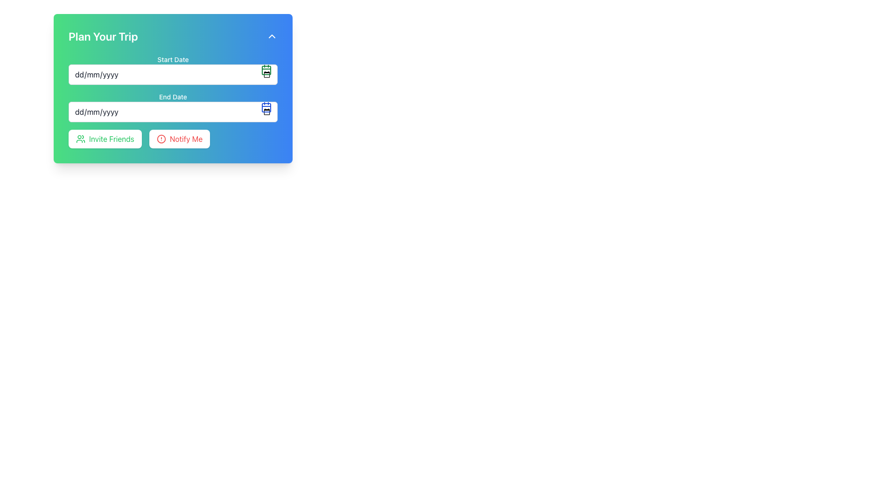 This screenshot has height=504, width=896. I want to click on the Calendar icon located in the 'End Date' date input field, so click(266, 107).